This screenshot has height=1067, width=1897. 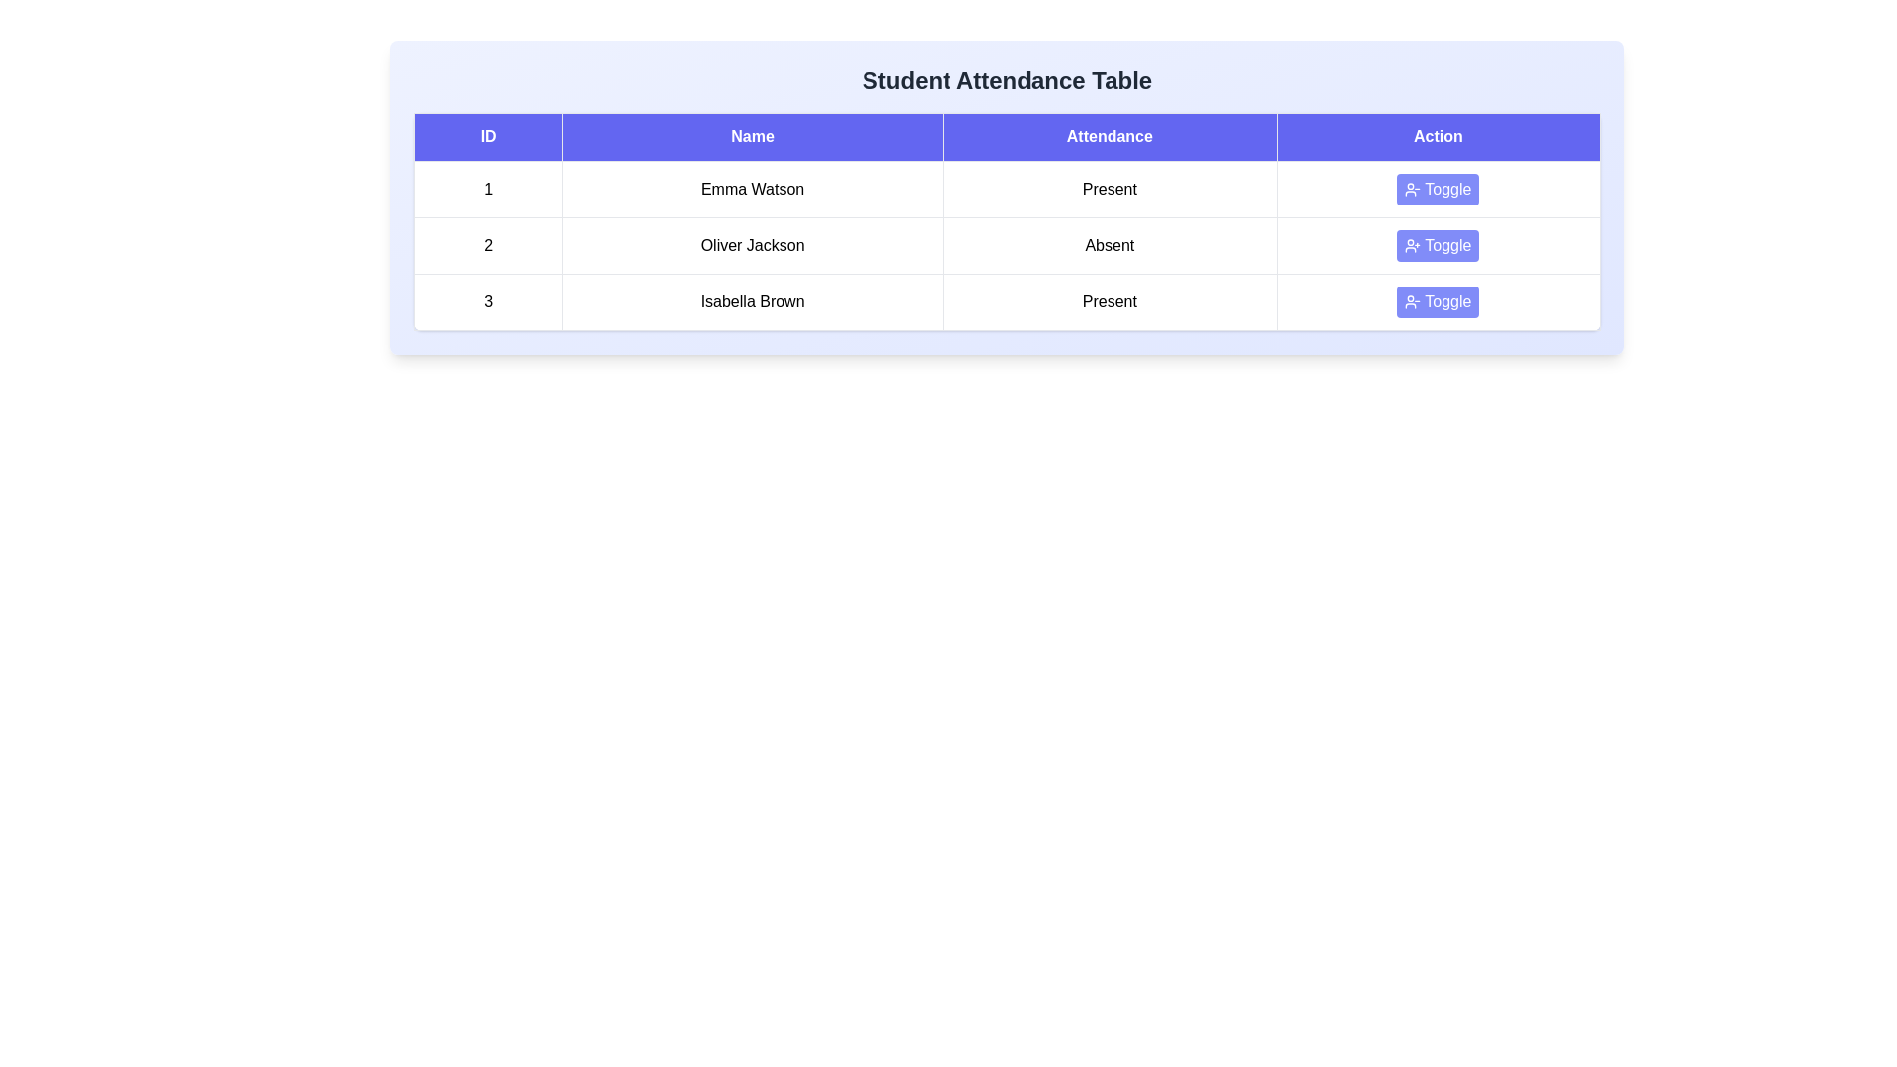 I want to click on the Table Cell displaying the identifier or serial number in the first row of the table, which is in the leftmost column labeled 'ID', so click(x=488, y=190).